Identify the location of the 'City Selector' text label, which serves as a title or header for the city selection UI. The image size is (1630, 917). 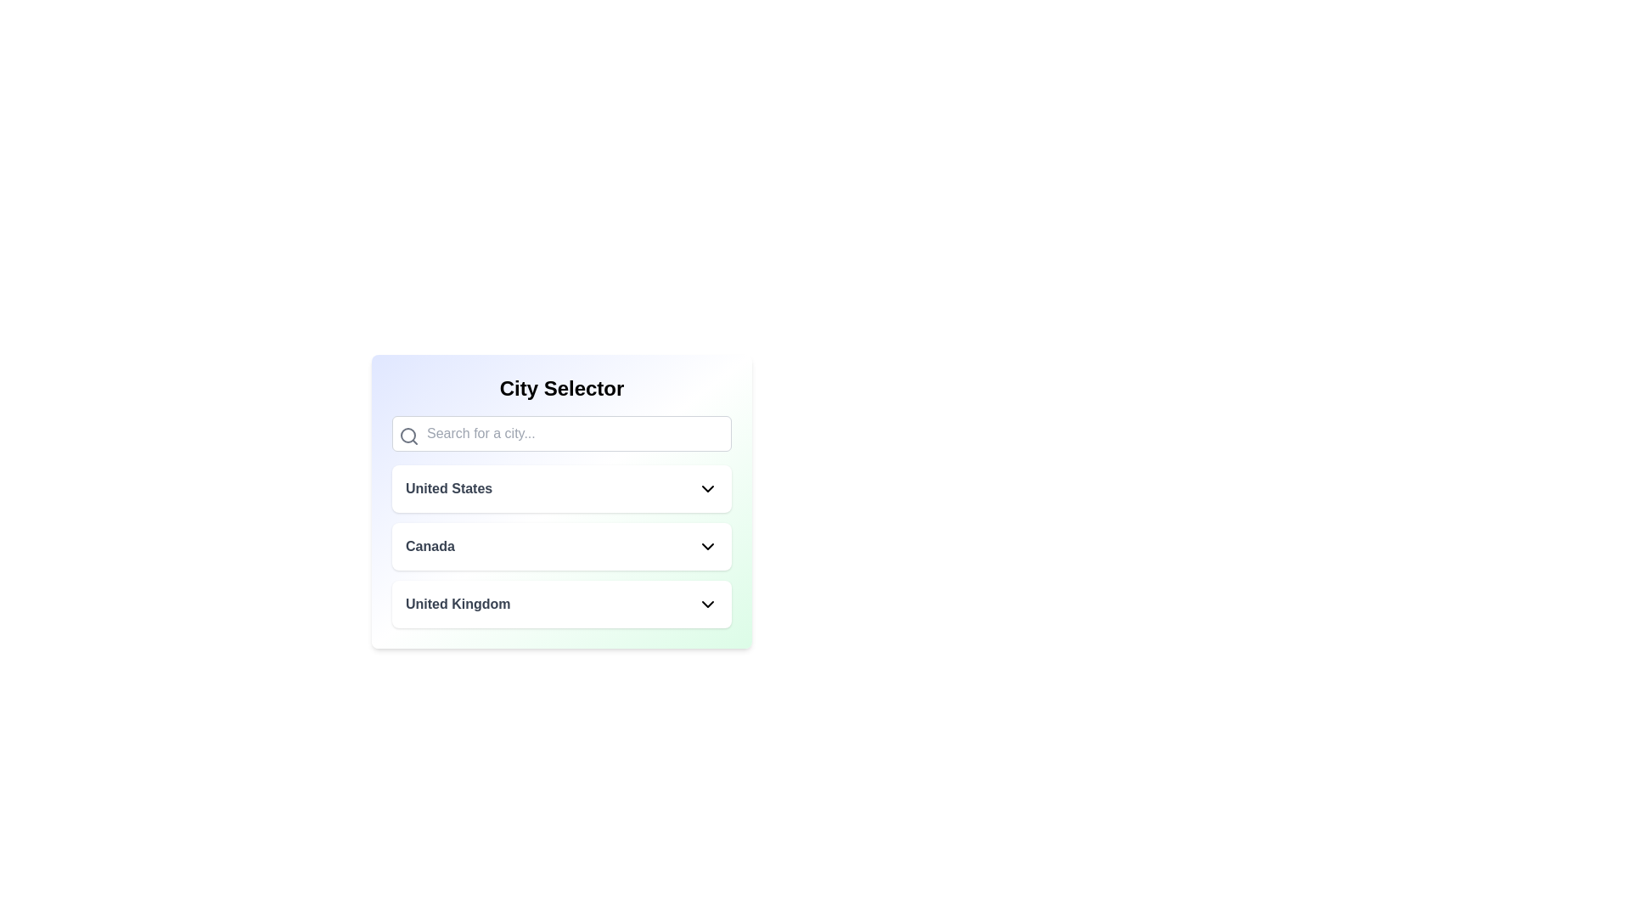
(562, 389).